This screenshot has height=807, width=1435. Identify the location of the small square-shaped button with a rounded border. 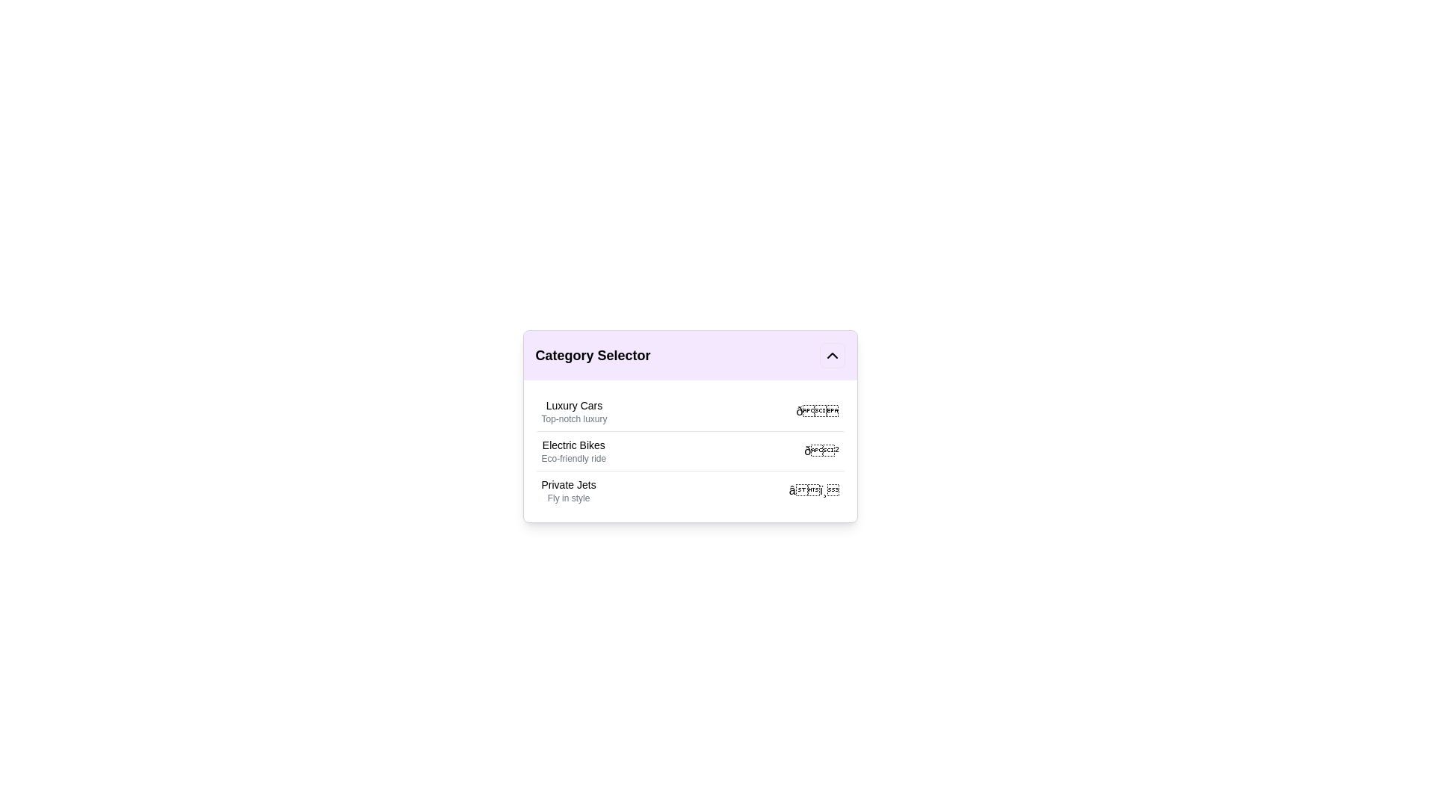
(831, 355).